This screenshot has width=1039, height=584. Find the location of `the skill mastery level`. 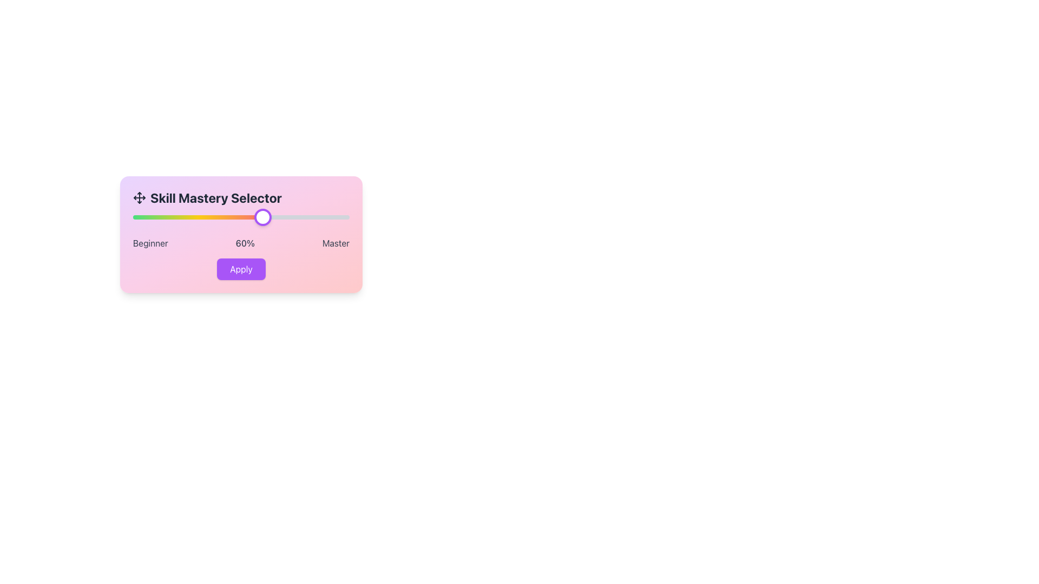

the skill mastery level is located at coordinates (312, 217).